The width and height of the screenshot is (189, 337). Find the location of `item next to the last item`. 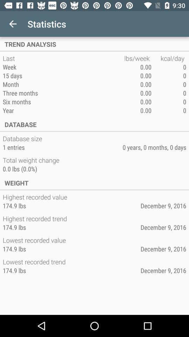

item next to the last item is located at coordinates (138, 58).